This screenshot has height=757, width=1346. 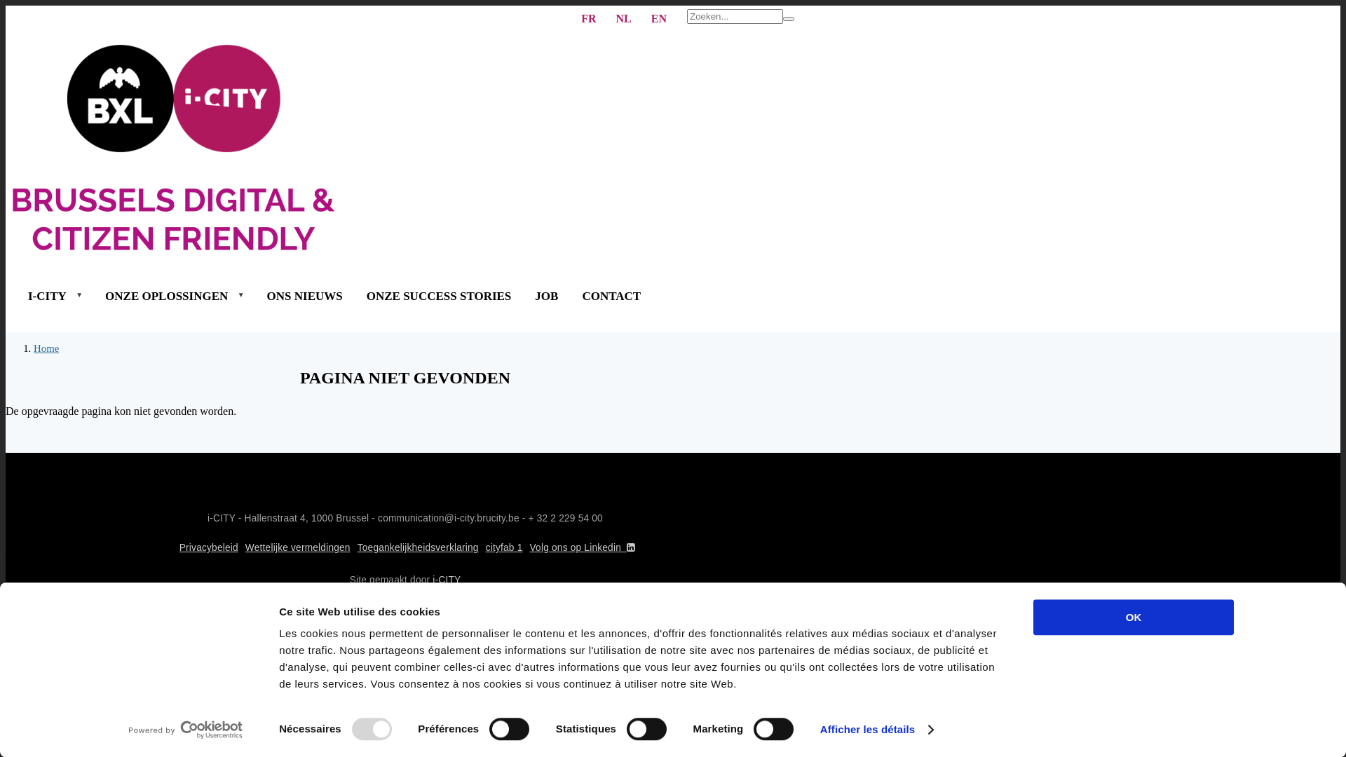 What do you see at coordinates (208, 547) in the screenshot?
I see `'Privacybeleid'` at bounding box center [208, 547].